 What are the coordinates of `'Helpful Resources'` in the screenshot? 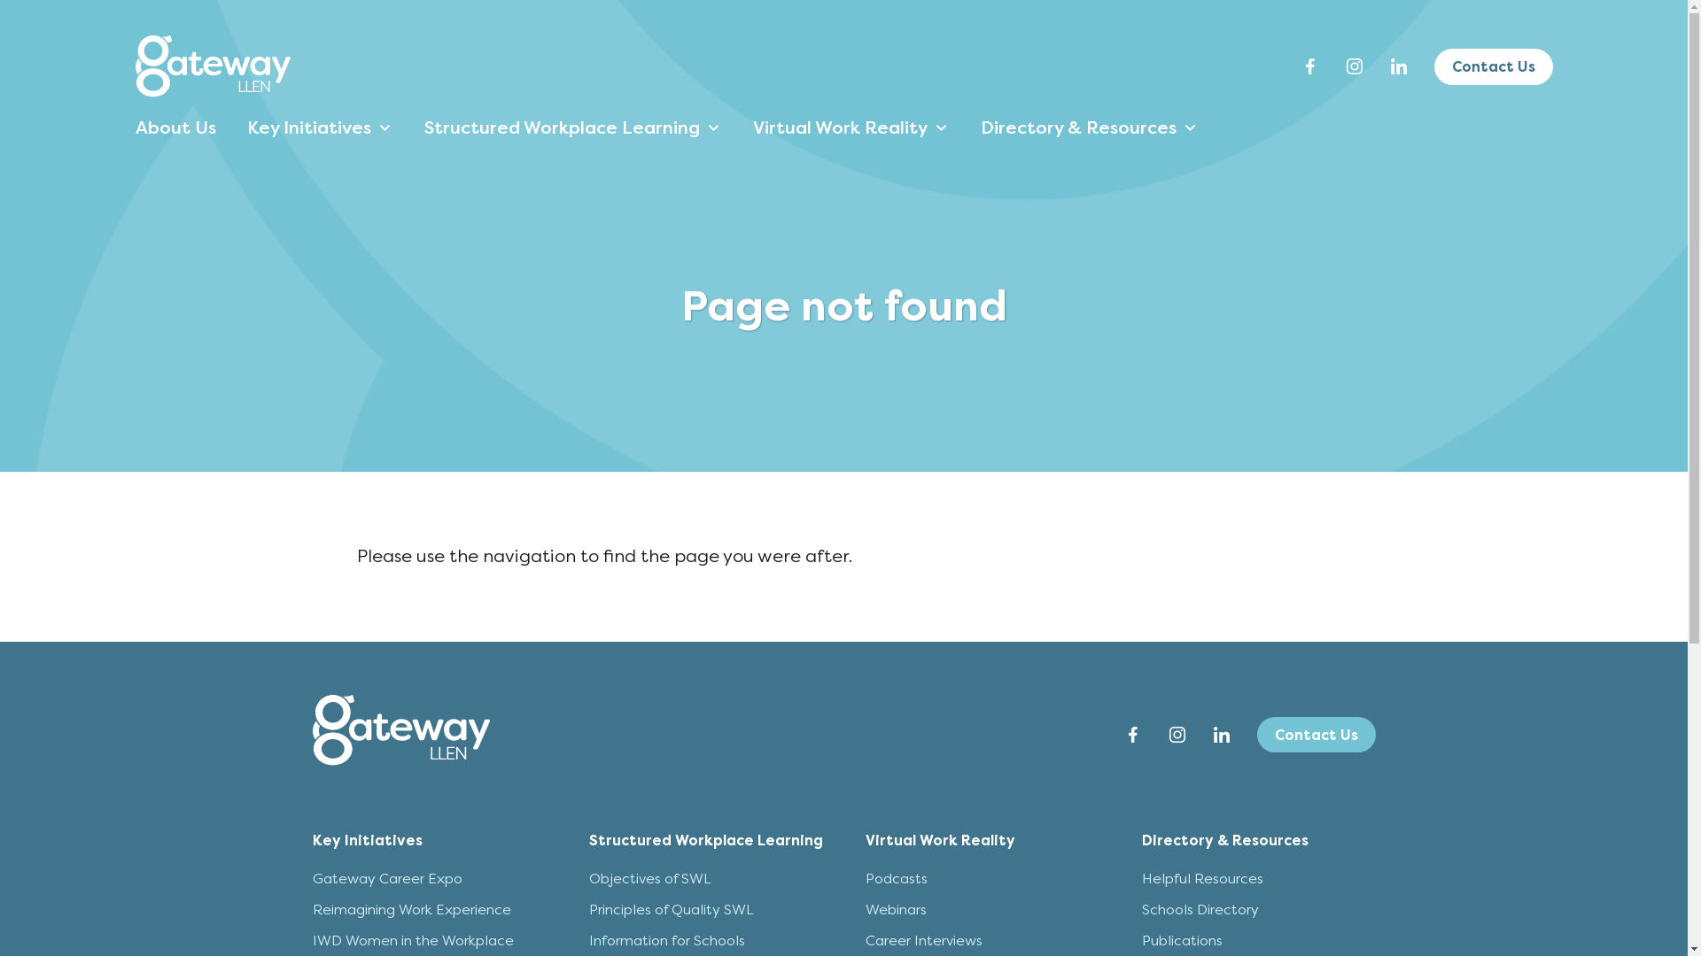 It's located at (1140, 878).